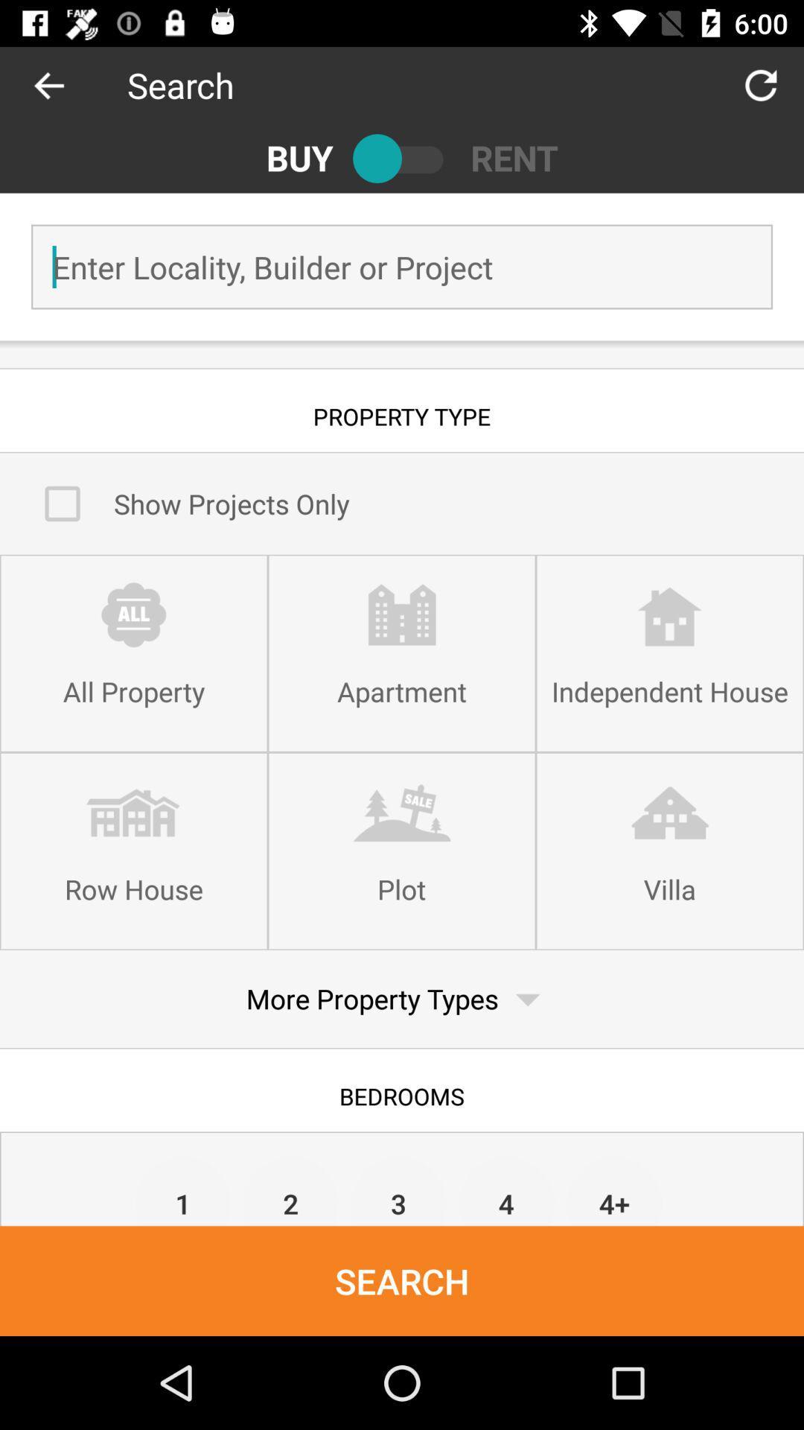  Describe the element at coordinates (291, 1189) in the screenshot. I see `the 2 icon` at that location.